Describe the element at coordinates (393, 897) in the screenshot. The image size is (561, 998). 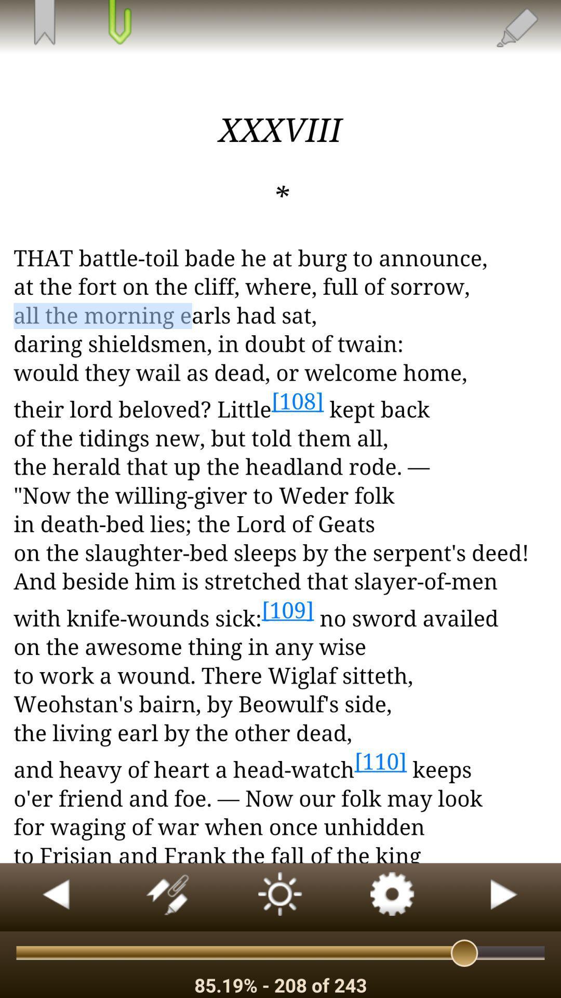
I see `config` at that location.